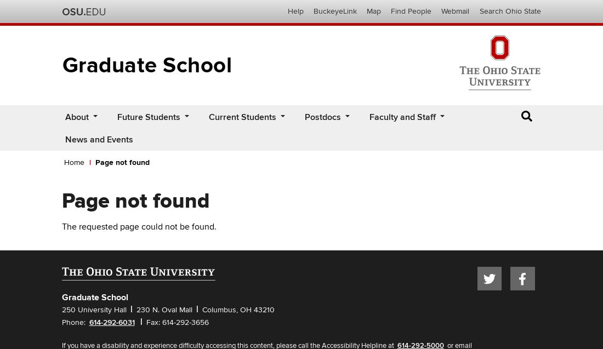 This screenshot has height=349, width=603. Describe the element at coordinates (164, 309) in the screenshot. I see `'230 N. Oval Mall'` at that location.